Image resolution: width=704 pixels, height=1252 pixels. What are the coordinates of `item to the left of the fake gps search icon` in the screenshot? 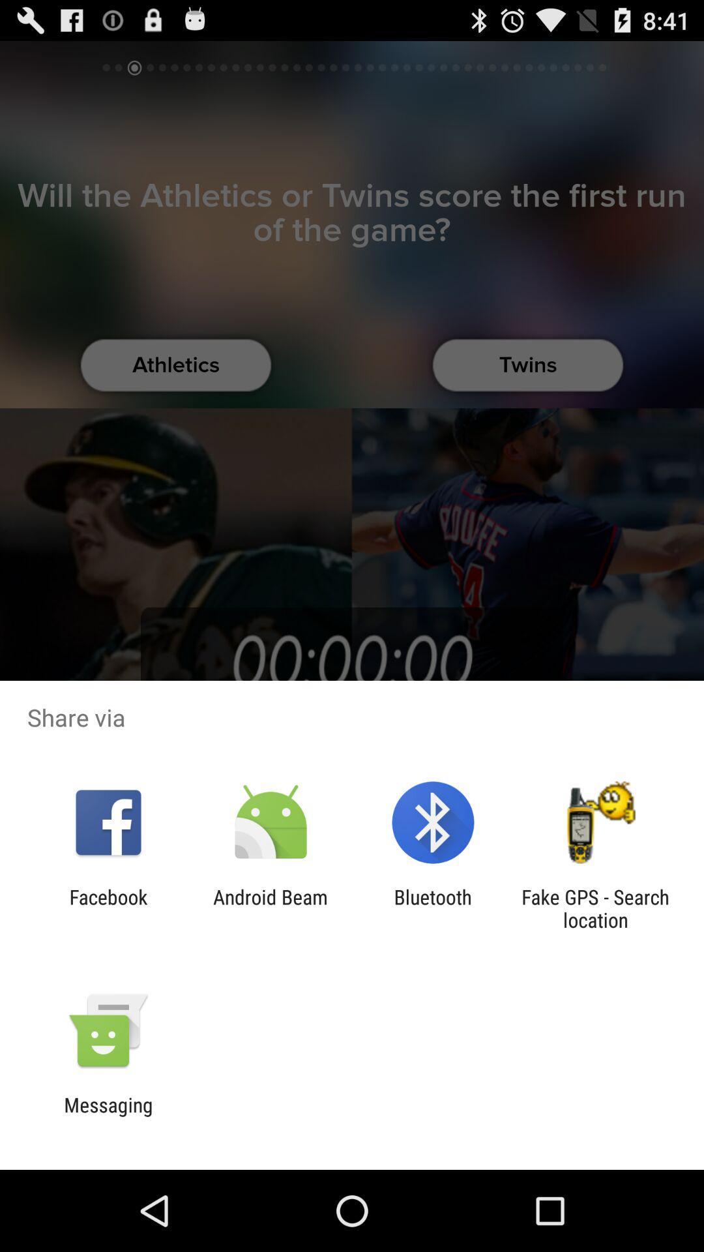 It's located at (433, 908).